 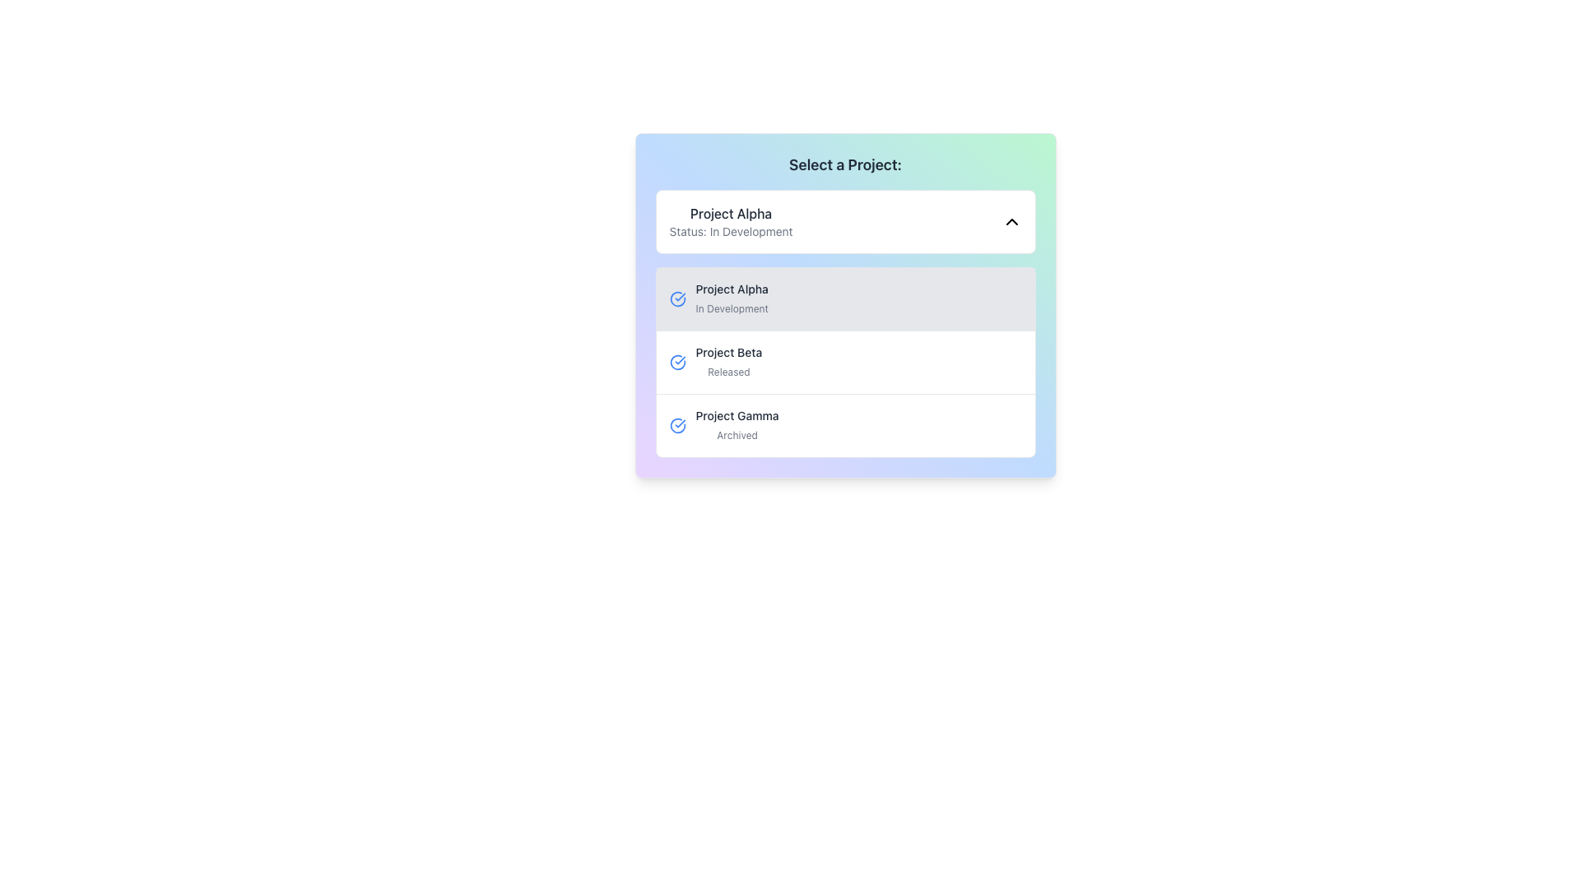 I want to click on the text label 'Project Gamma' located in the dropdown list, which is the third project option and has the status 'Archived' displayed underneath it, so click(x=737, y=414).